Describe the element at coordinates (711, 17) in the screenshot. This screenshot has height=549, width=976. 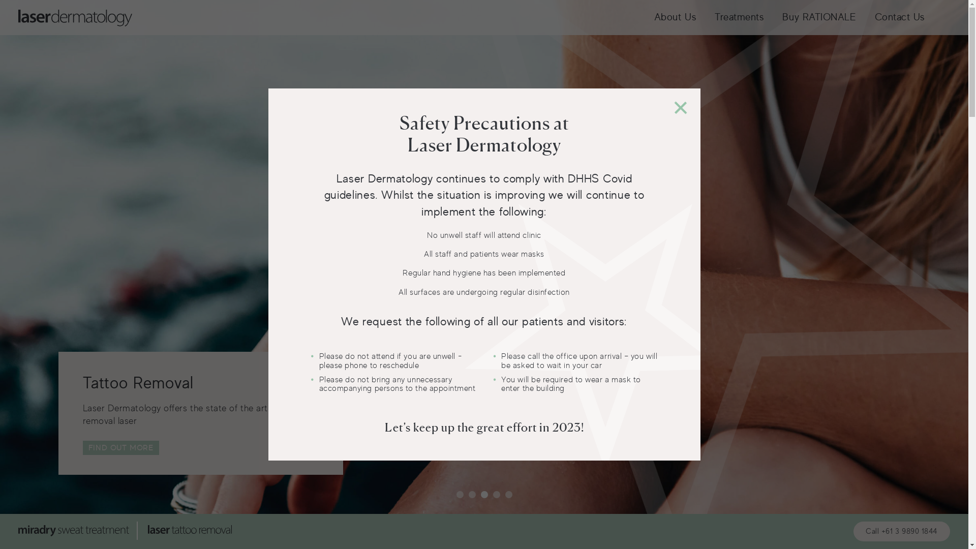
I see `'Treatments'` at that location.